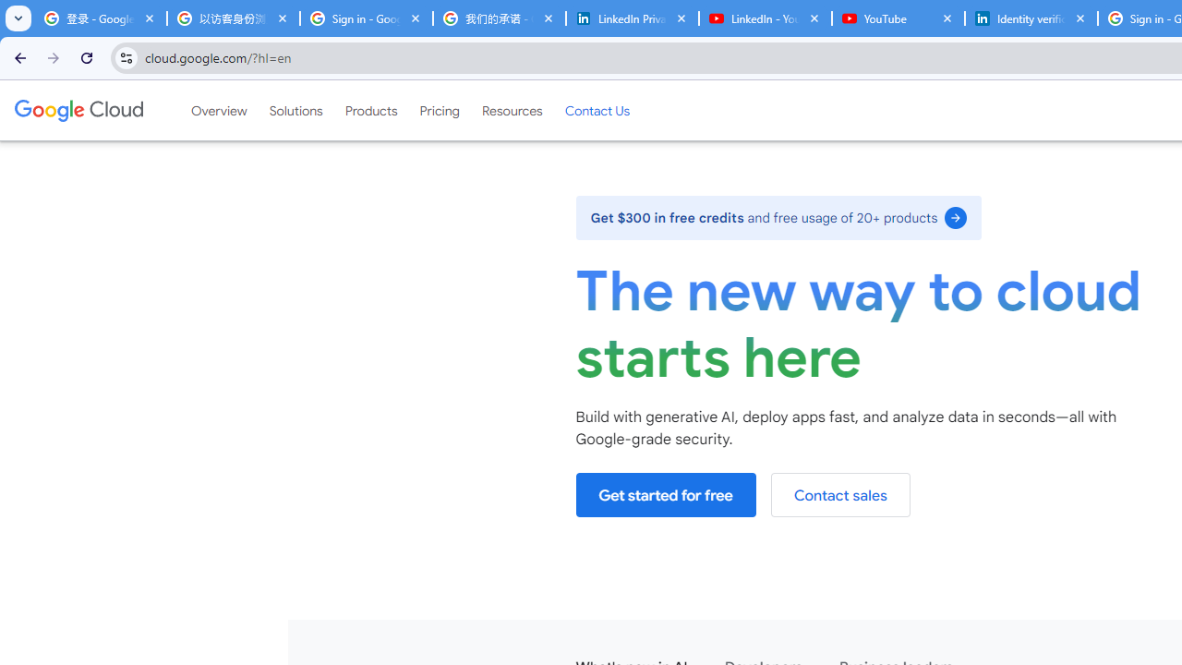  What do you see at coordinates (765, 18) in the screenshot?
I see `'LinkedIn - YouTube'` at bounding box center [765, 18].